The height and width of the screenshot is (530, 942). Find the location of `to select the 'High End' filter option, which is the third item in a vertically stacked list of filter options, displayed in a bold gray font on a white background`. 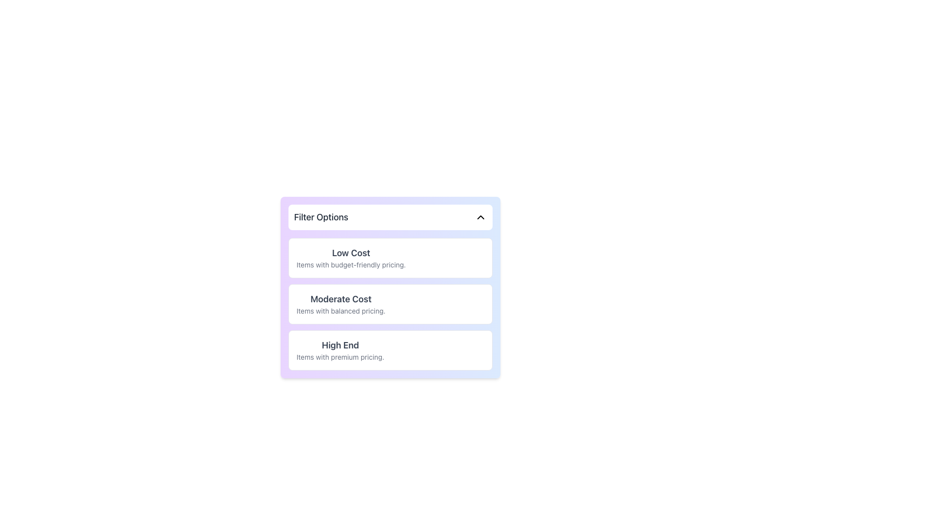

to select the 'High End' filter option, which is the third item in a vertically stacked list of filter options, displayed in a bold gray font on a white background is located at coordinates (340, 349).